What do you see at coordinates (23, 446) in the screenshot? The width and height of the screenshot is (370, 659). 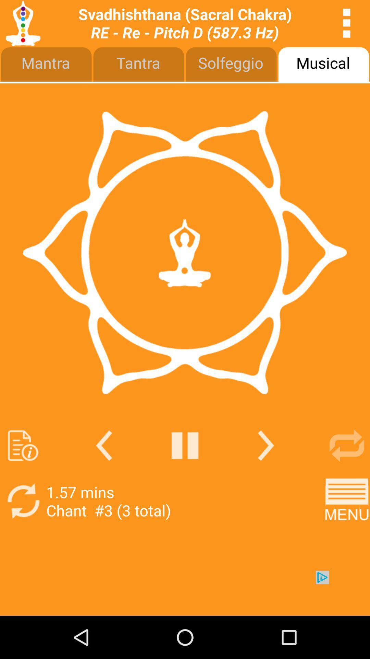 I see `notes` at bounding box center [23, 446].